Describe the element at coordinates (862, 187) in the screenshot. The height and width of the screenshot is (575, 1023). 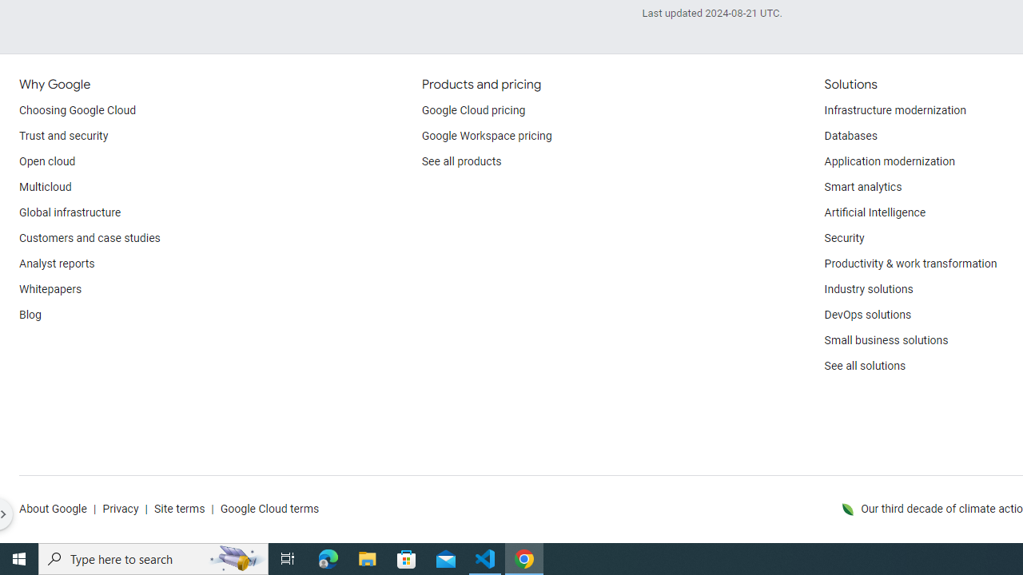
I see `'Smart analytics'` at that location.